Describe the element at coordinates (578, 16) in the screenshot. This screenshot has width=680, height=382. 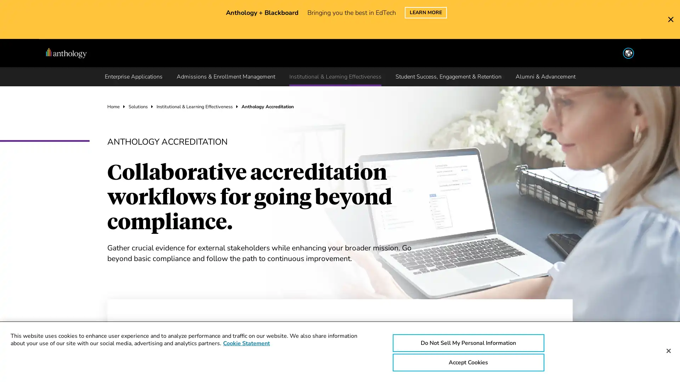
I see `CLOSE` at that location.